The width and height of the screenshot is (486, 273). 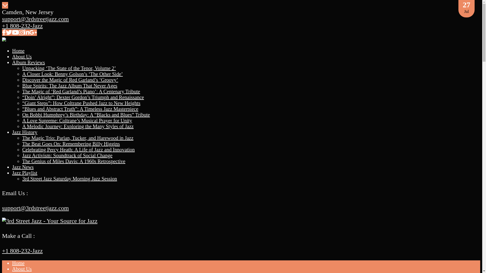 What do you see at coordinates (69, 85) in the screenshot?
I see `'Blue Spirits: The Jazz Album That Never Ages'` at bounding box center [69, 85].